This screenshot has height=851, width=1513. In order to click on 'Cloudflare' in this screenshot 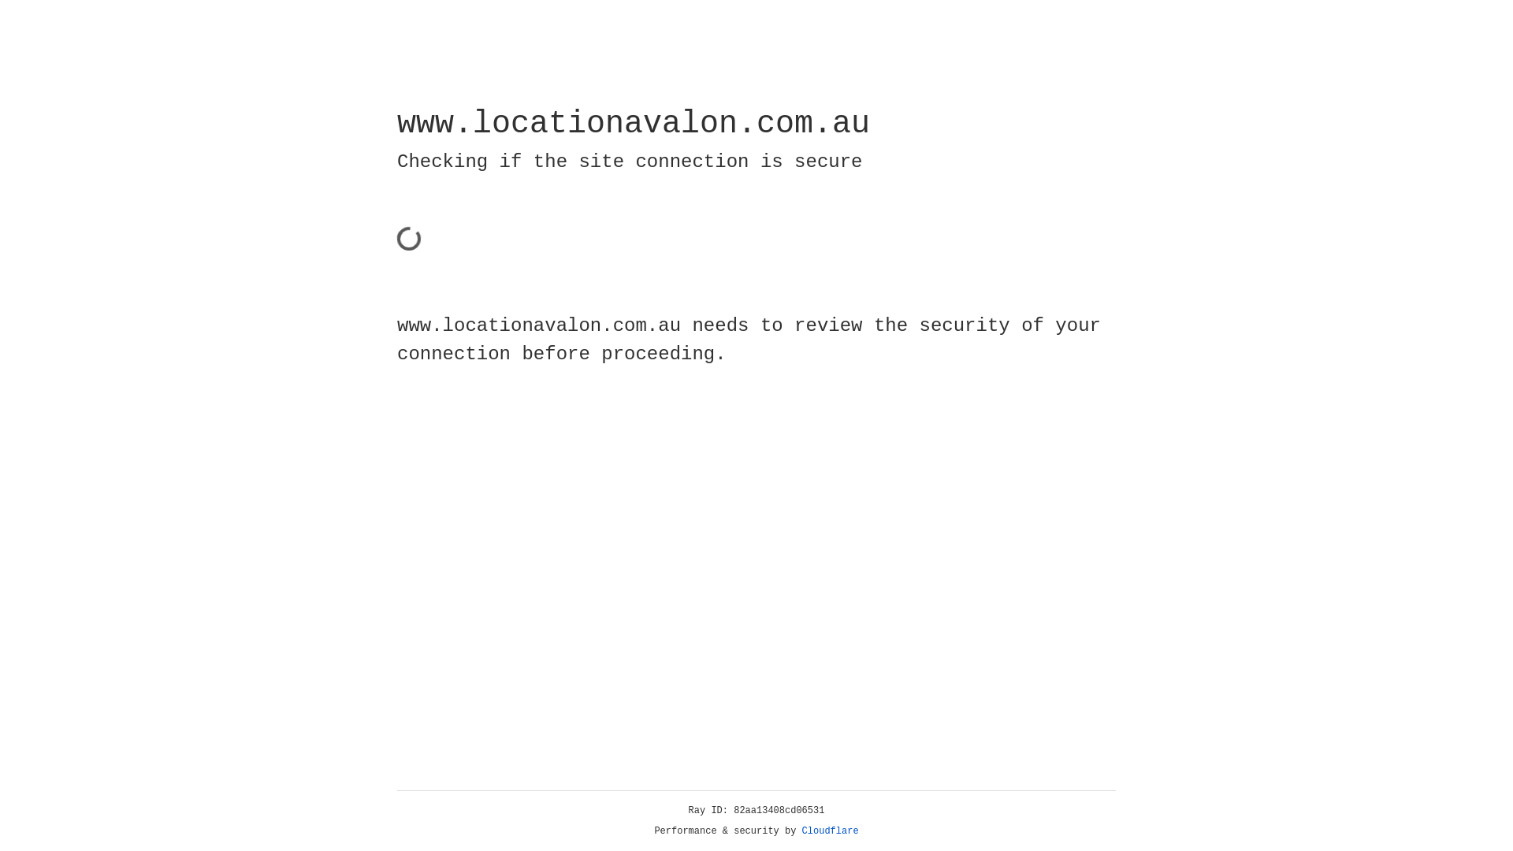, I will do `click(801, 831)`.